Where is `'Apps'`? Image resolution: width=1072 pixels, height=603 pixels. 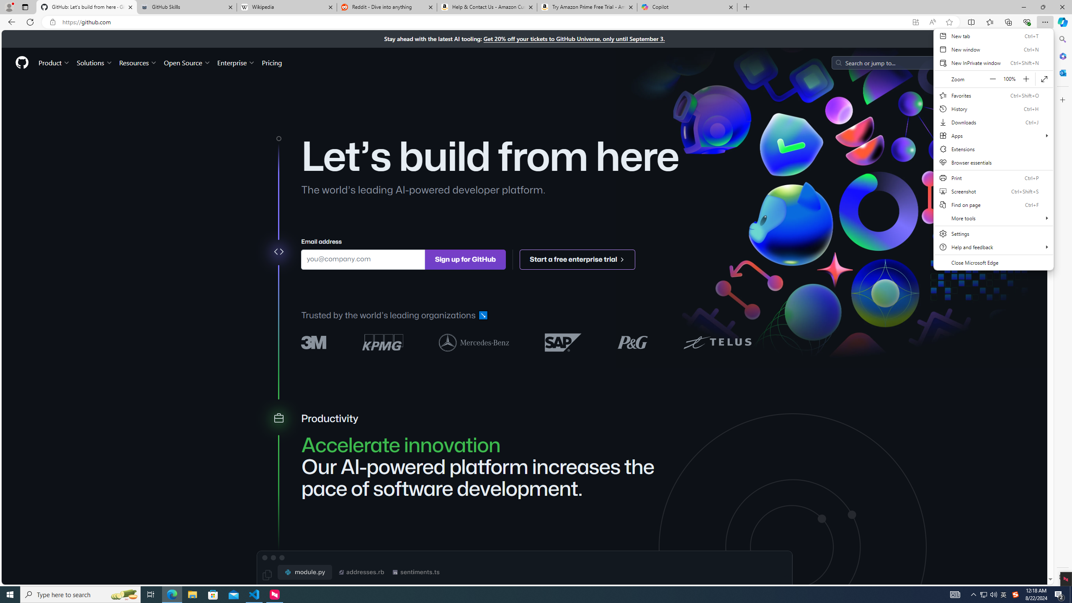
'Apps' is located at coordinates (993, 135).